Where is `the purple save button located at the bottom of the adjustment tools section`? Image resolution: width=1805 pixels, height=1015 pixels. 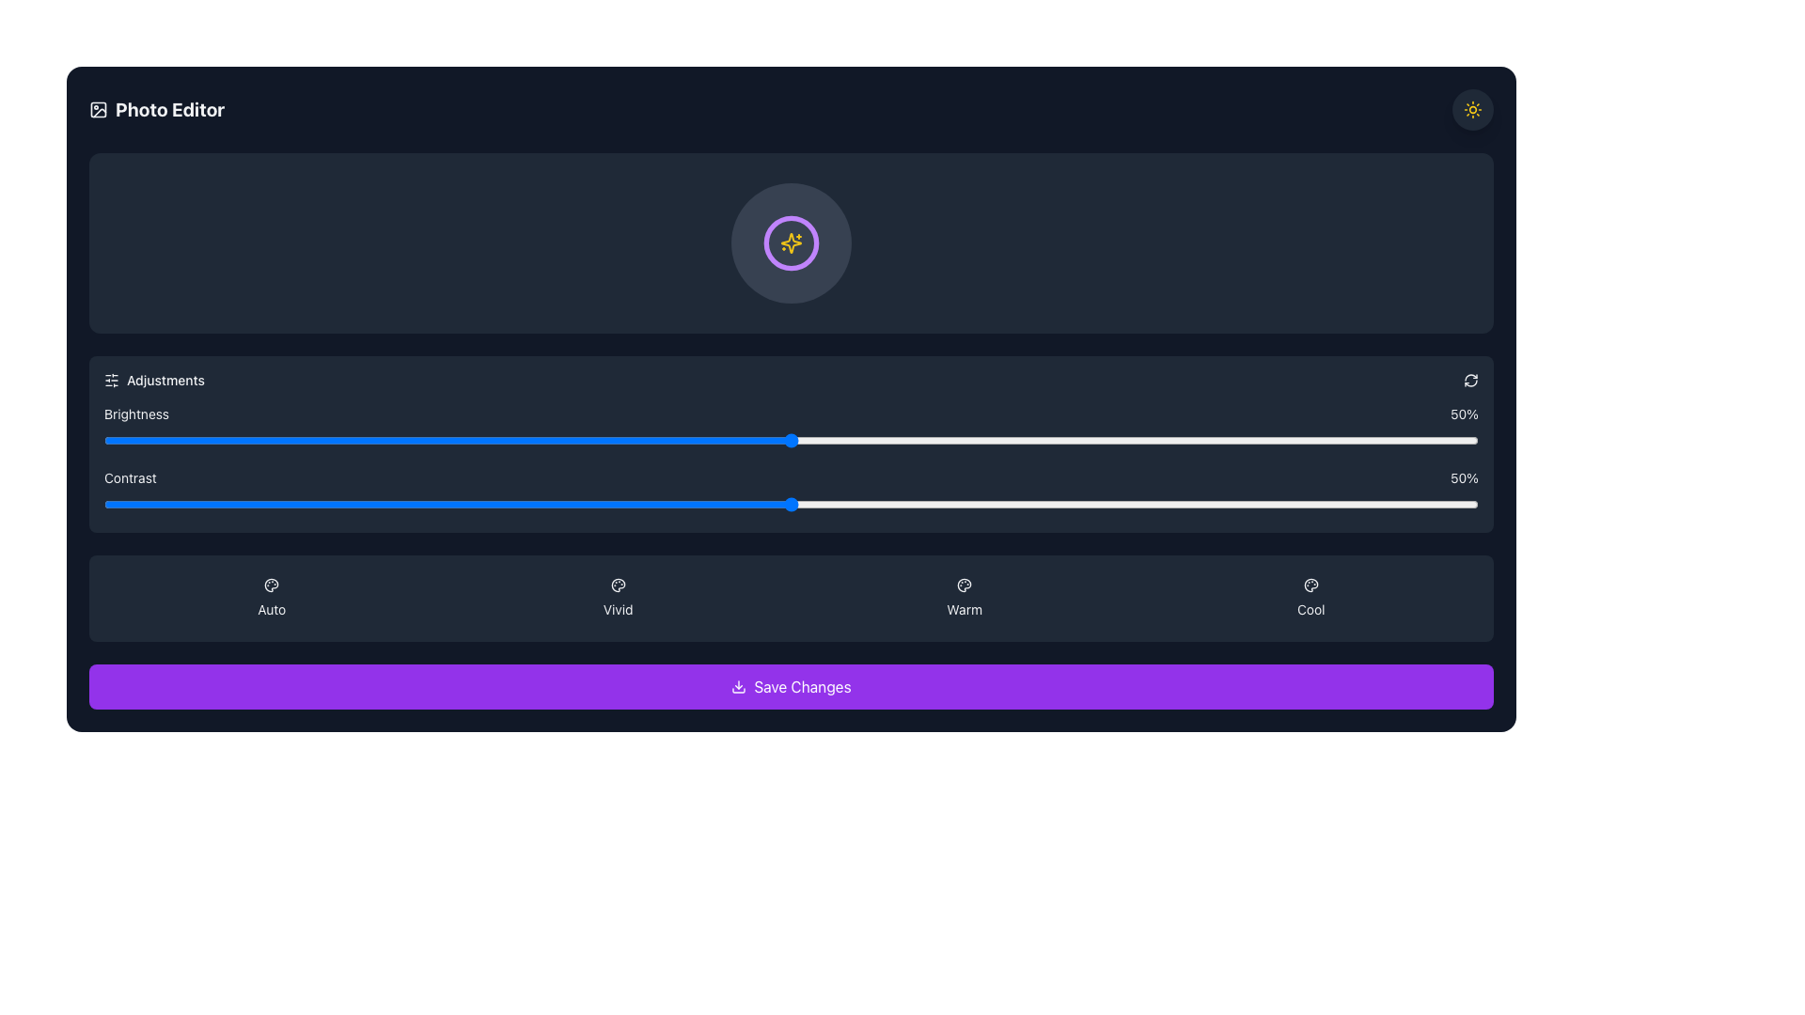
the purple save button located at the bottom of the adjustment tools section is located at coordinates (791, 687).